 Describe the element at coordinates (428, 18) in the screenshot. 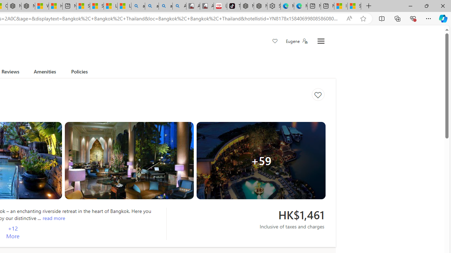

I see `'Settings and more (Alt+F)'` at that location.